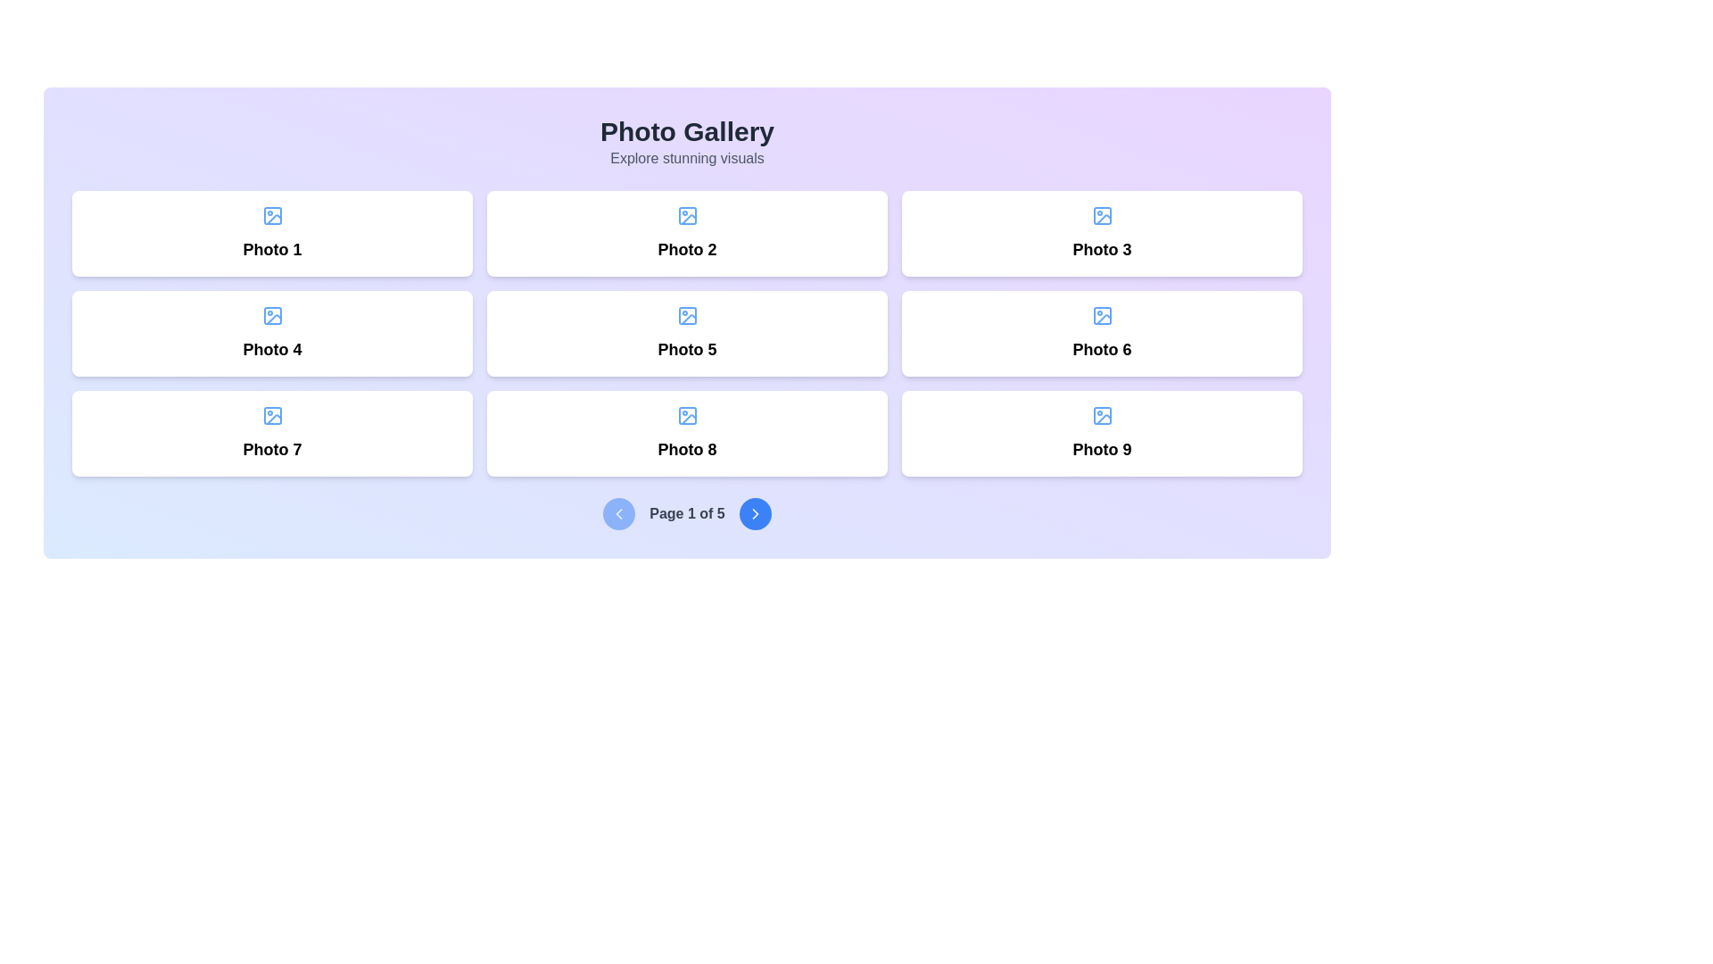 Image resolution: width=1713 pixels, height=964 pixels. What do you see at coordinates (686, 157) in the screenshot?
I see `the text label that says 'Explore stunning visuals', which is located directly below the 'Photo Gallery' text, centered horizontally within the interface` at bounding box center [686, 157].